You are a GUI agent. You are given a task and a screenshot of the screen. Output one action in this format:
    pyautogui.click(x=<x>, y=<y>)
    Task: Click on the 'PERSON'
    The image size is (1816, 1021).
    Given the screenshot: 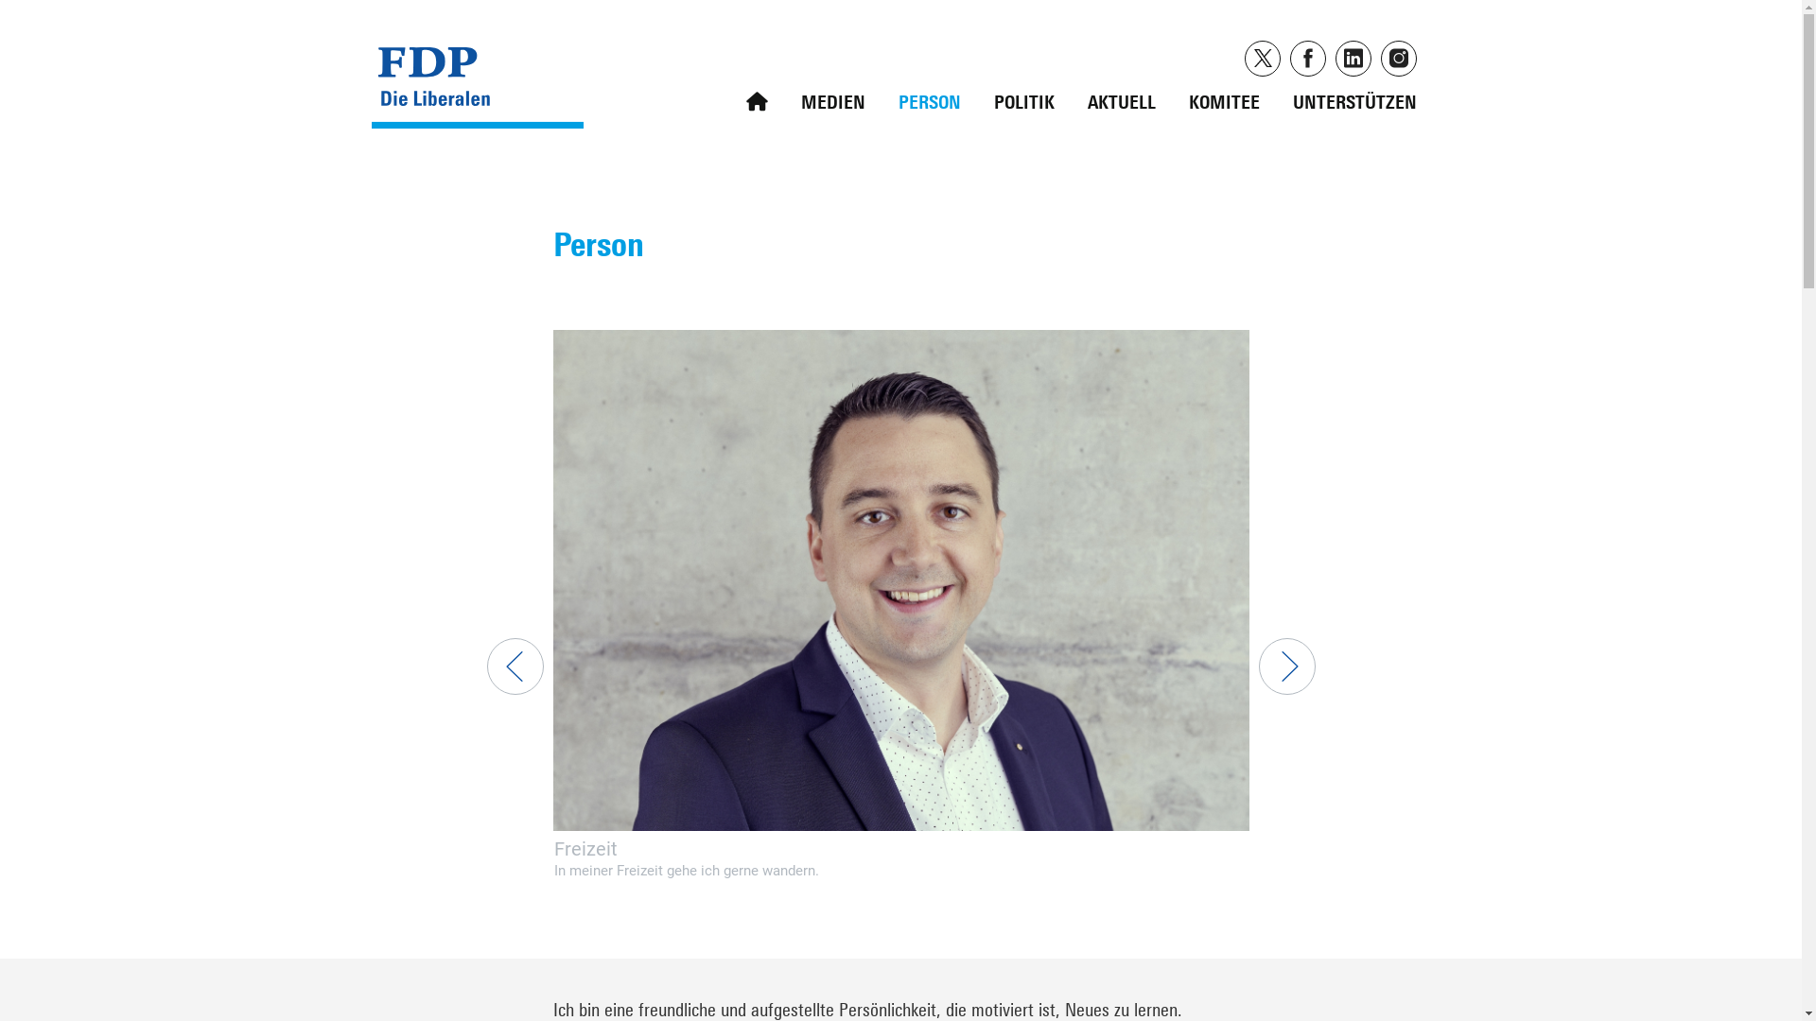 What is the action you would take?
    pyautogui.click(x=929, y=97)
    